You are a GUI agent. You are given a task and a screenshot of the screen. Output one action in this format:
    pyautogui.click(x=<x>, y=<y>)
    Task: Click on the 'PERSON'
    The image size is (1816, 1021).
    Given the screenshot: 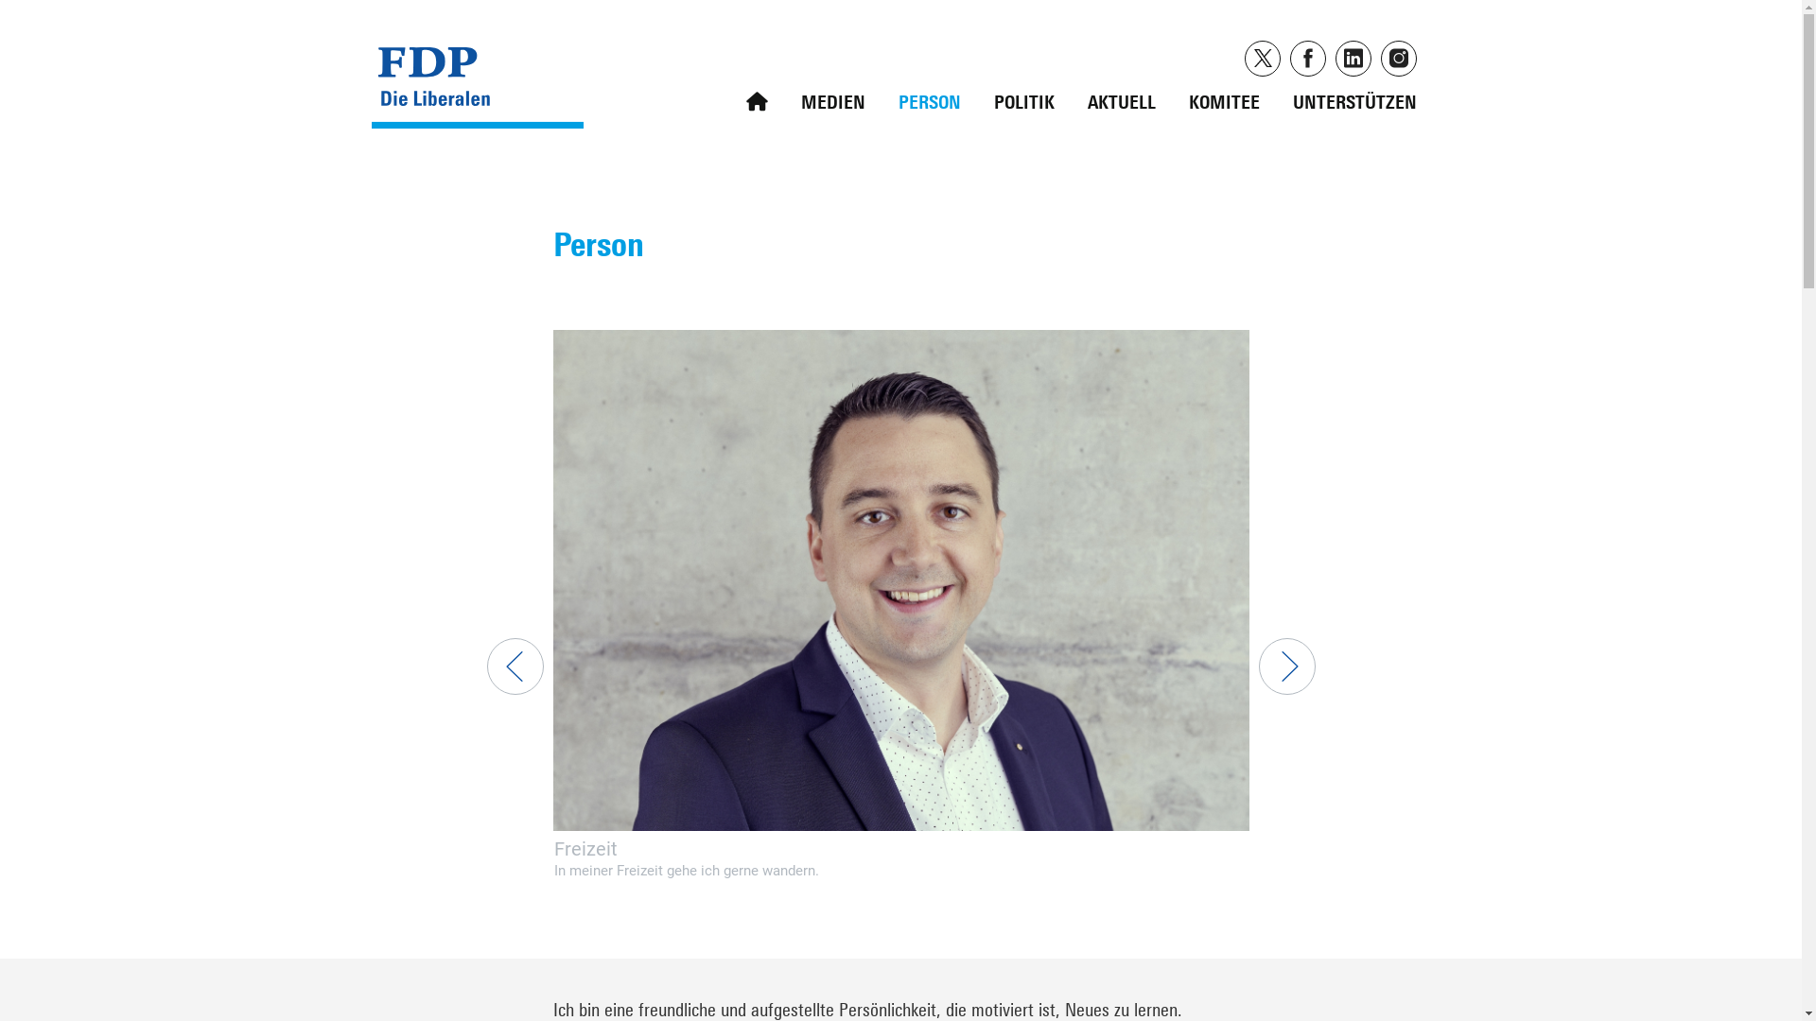 What is the action you would take?
    pyautogui.click(x=929, y=97)
    